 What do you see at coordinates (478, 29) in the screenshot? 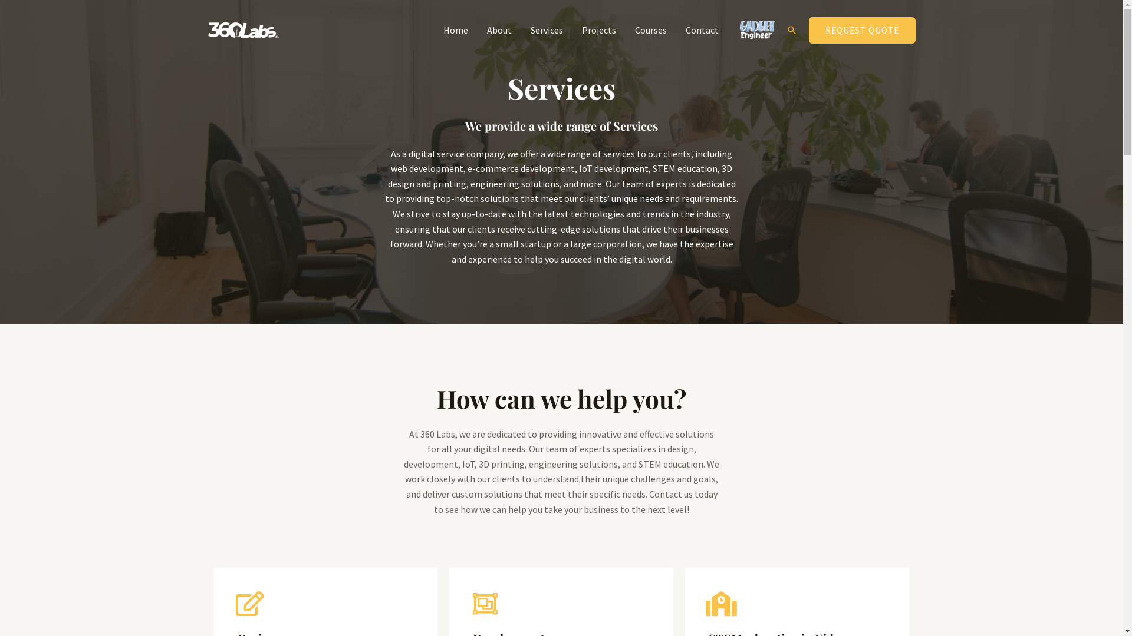
I see `'About'` at bounding box center [478, 29].